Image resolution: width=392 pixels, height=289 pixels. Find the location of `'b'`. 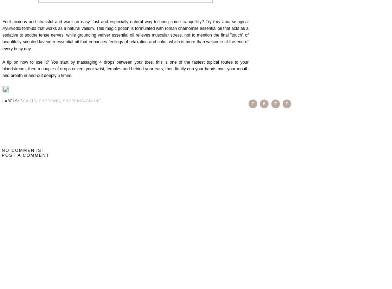

'b' is located at coordinates (264, 103).